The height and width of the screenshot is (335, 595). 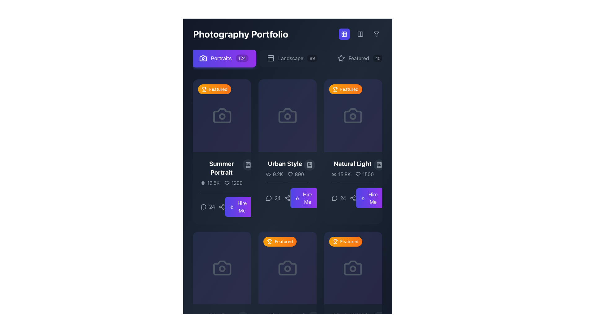 I want to click on the 'Hire Me' button located at the bottom of the 'Urban Style' portfolio card, which features bold text and a gradient background, so click(x=242, y=207).